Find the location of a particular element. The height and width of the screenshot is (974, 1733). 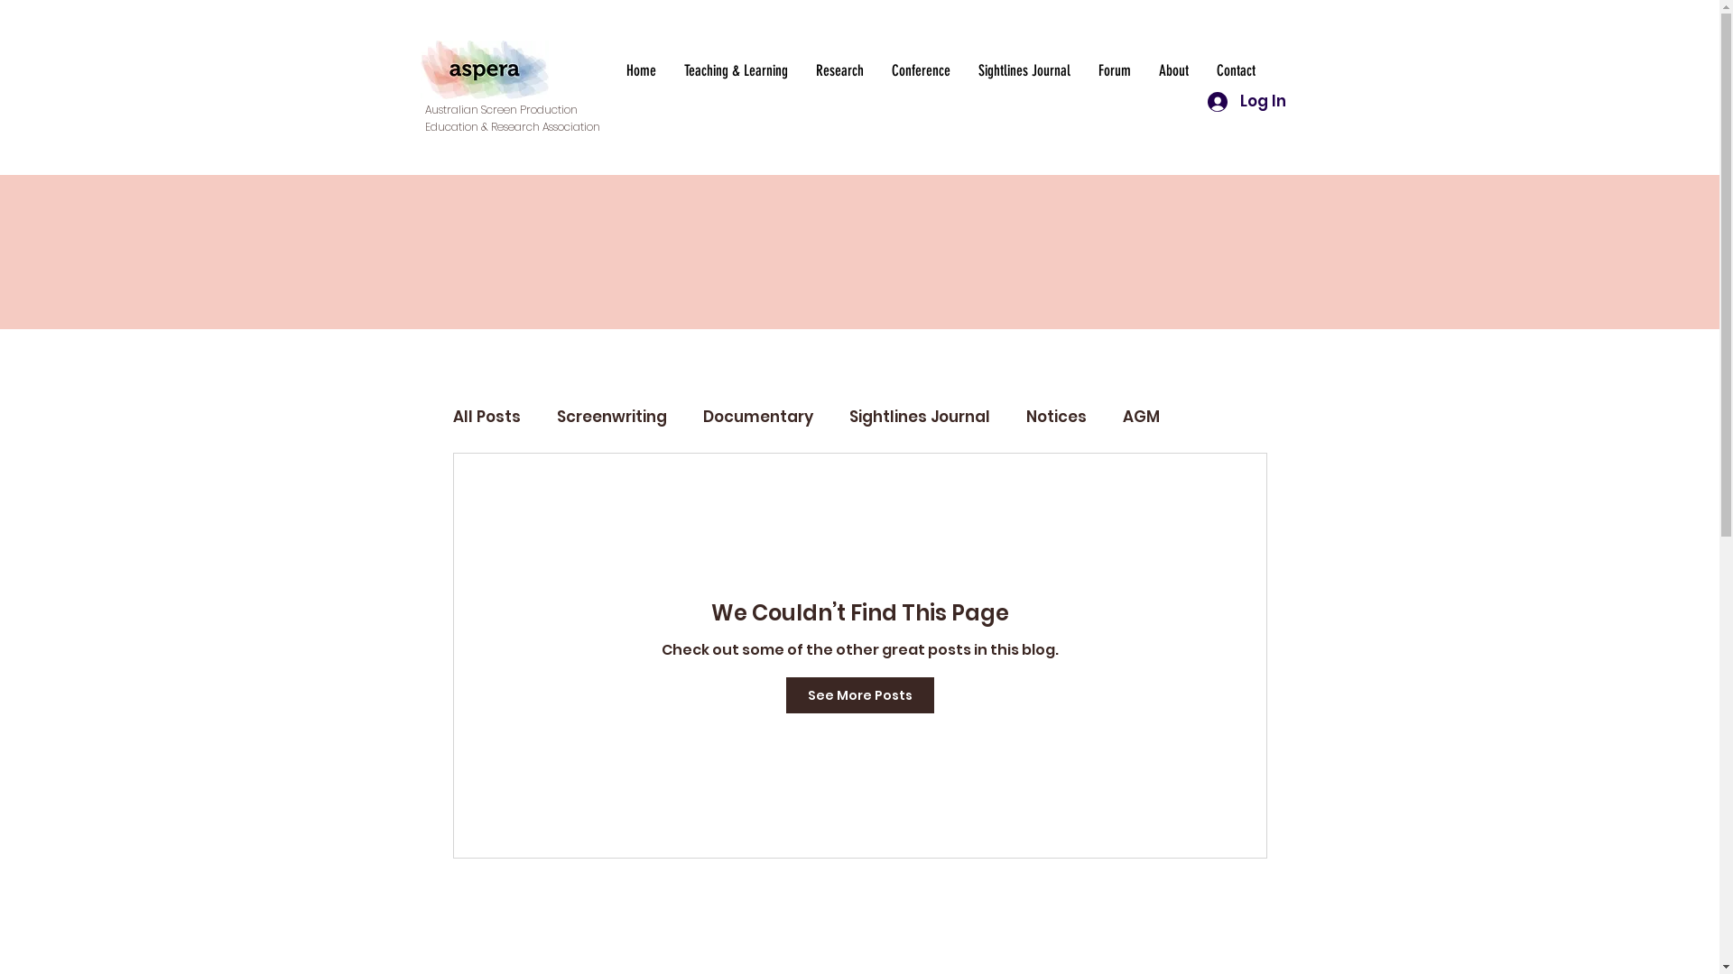

'About' is located at coordinates (1173, 69).